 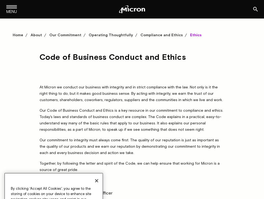 I want to click on 'Home', so click(x=18, y=34).